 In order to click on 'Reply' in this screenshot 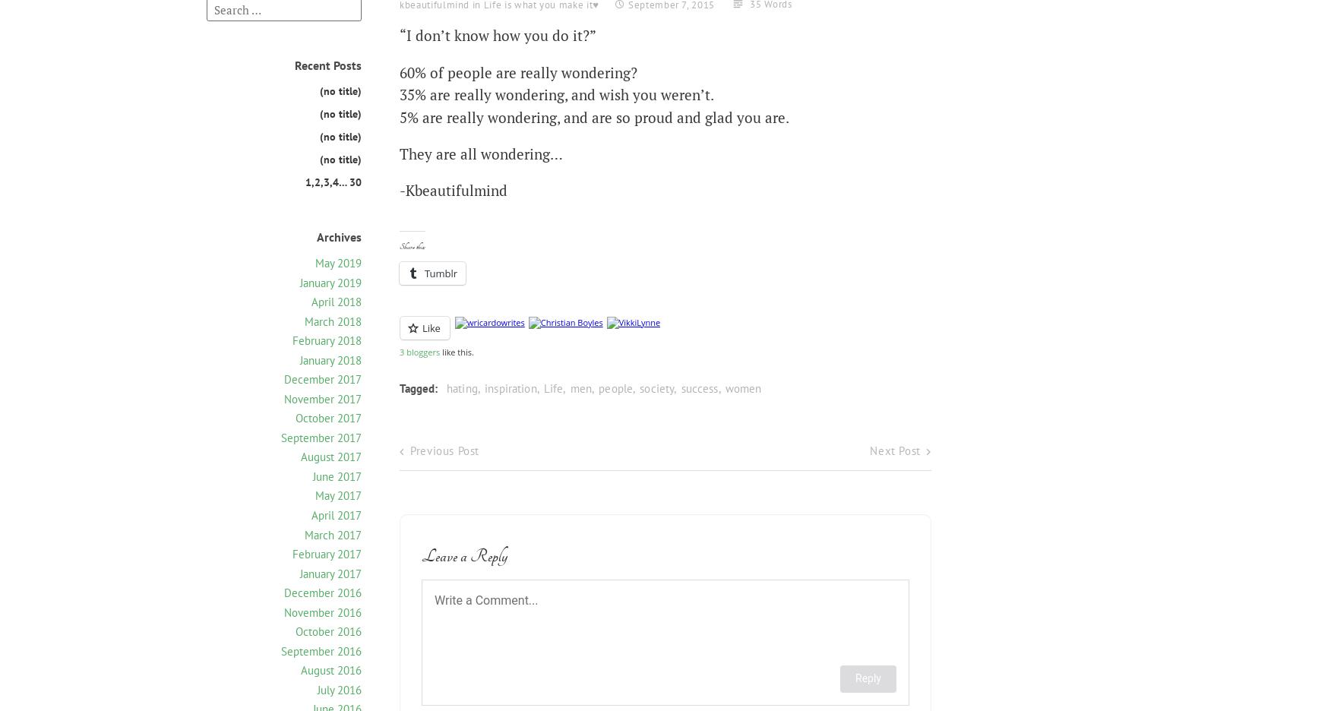, I will do `click(868, 678)`.